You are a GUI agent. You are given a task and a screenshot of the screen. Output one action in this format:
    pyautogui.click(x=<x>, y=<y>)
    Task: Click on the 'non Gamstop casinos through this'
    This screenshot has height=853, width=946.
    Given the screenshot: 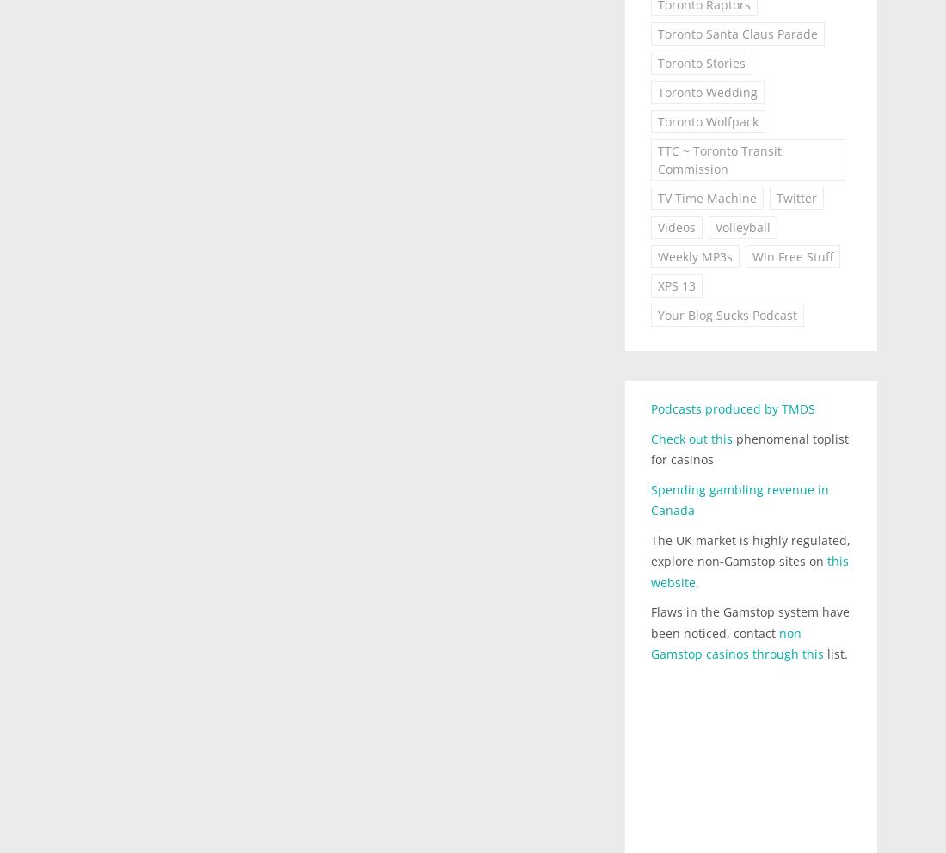 What is the action you would take?
    pyautogui.click(x=649, y=641)
    